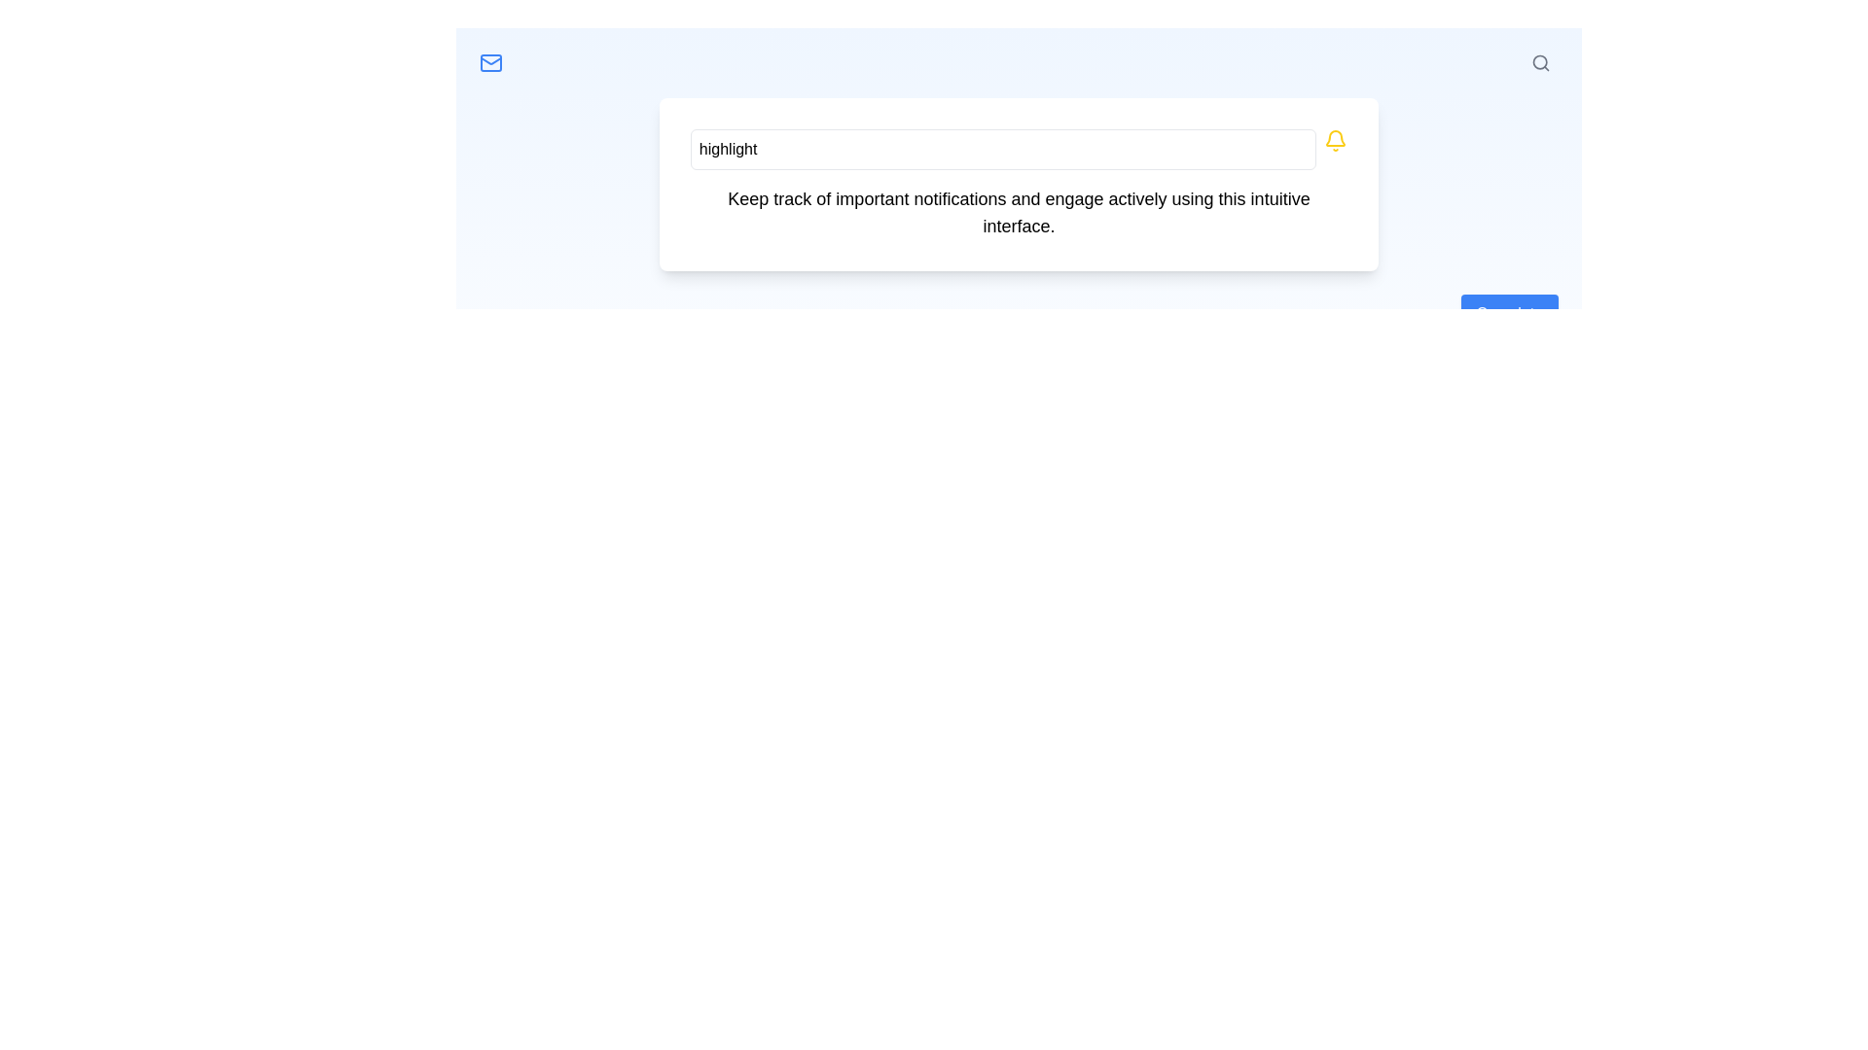 The height and width of the screenshot is (1050, 1868). What do you see at coordinates (490, 62) in the screenshot?
I see `the decorative graphical element representing the body of an envelope icon, located near the top-left corner of the interface` at bounding box center [490, 62].